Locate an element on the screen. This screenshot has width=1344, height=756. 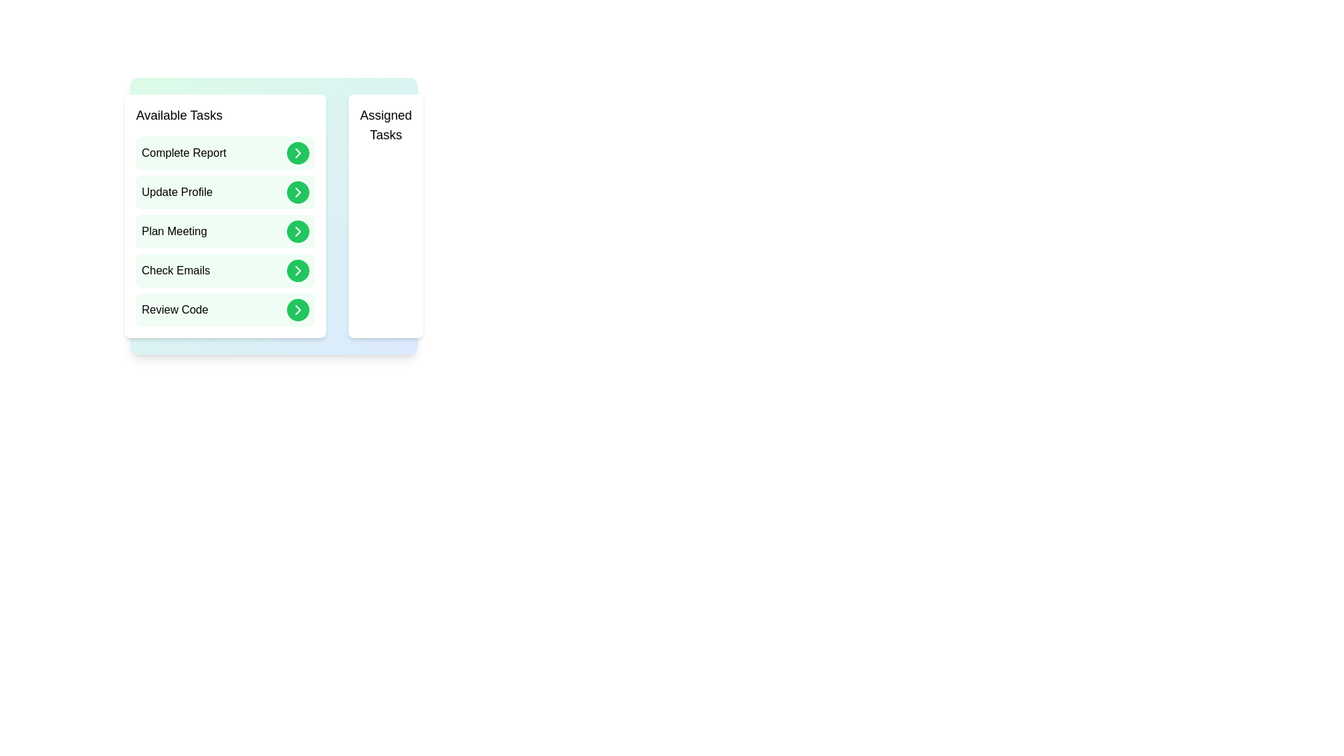
the button corresponding to Complete Report is located at coordinates (297, 153).